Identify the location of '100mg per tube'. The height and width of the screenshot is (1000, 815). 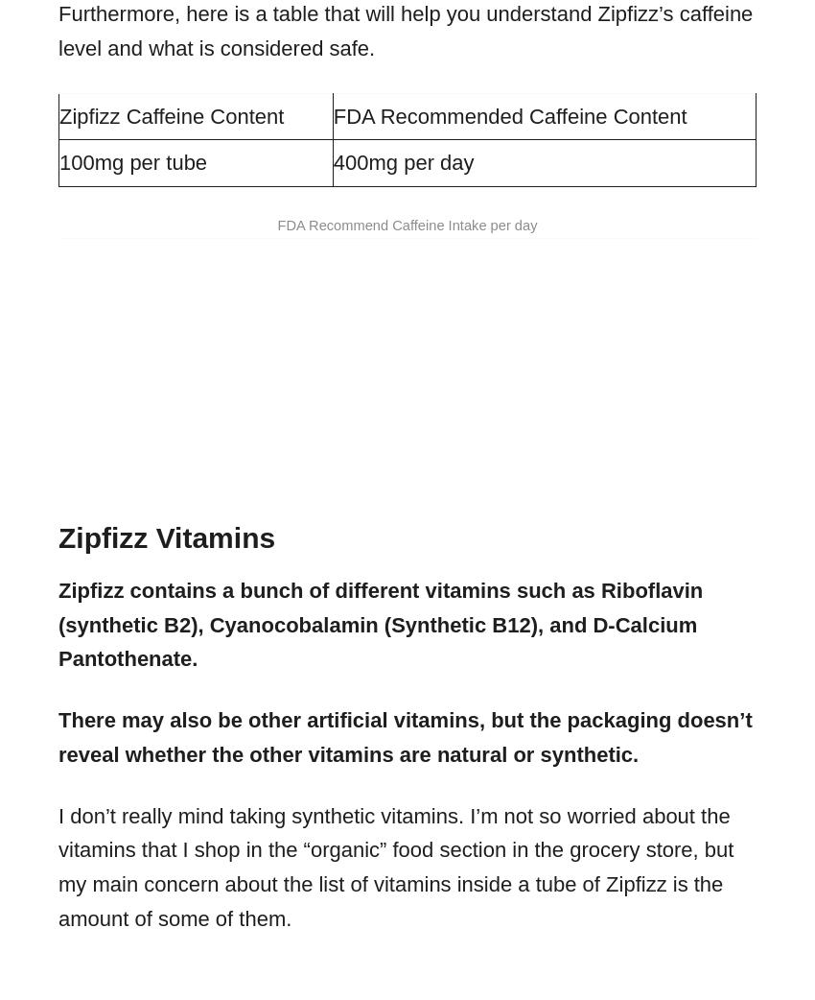
(132, 162).